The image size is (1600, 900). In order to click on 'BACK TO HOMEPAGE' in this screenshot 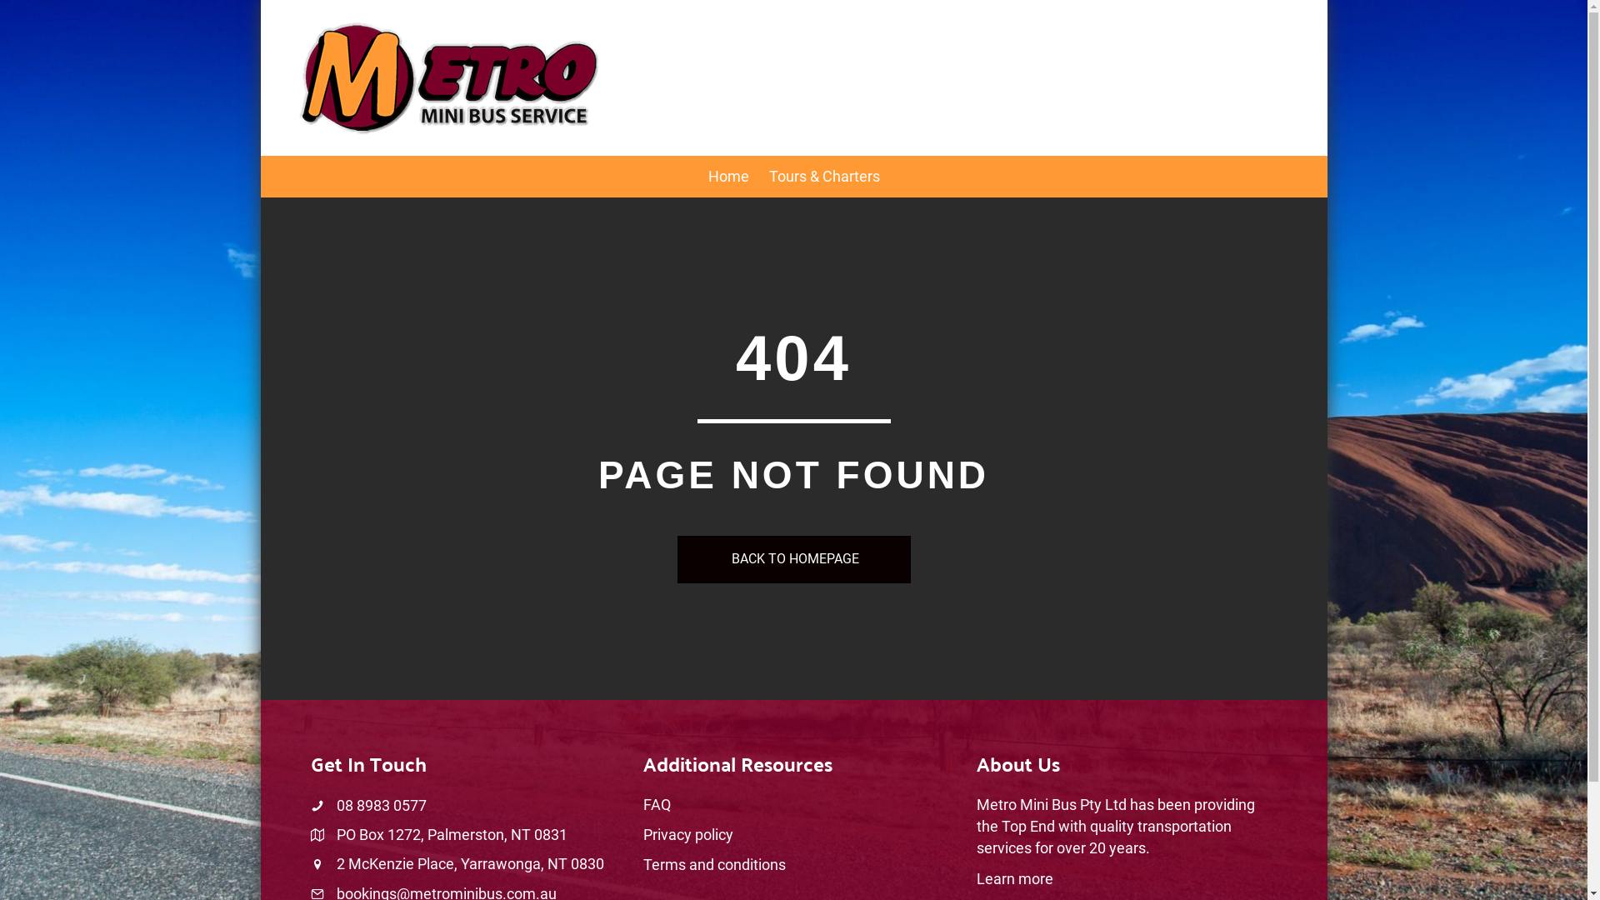, I will do `click(792, 559)`.